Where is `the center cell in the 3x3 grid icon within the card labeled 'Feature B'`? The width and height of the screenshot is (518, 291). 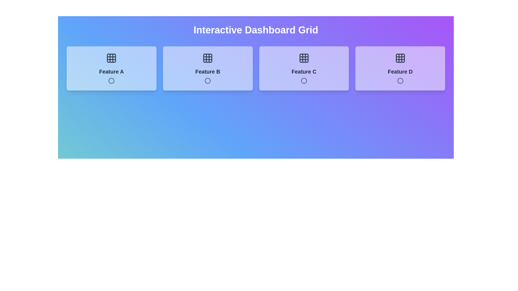
the center cell in the 3x3 grid icon within the card labeled 'Feature B' is located at coordinates (207, 58).